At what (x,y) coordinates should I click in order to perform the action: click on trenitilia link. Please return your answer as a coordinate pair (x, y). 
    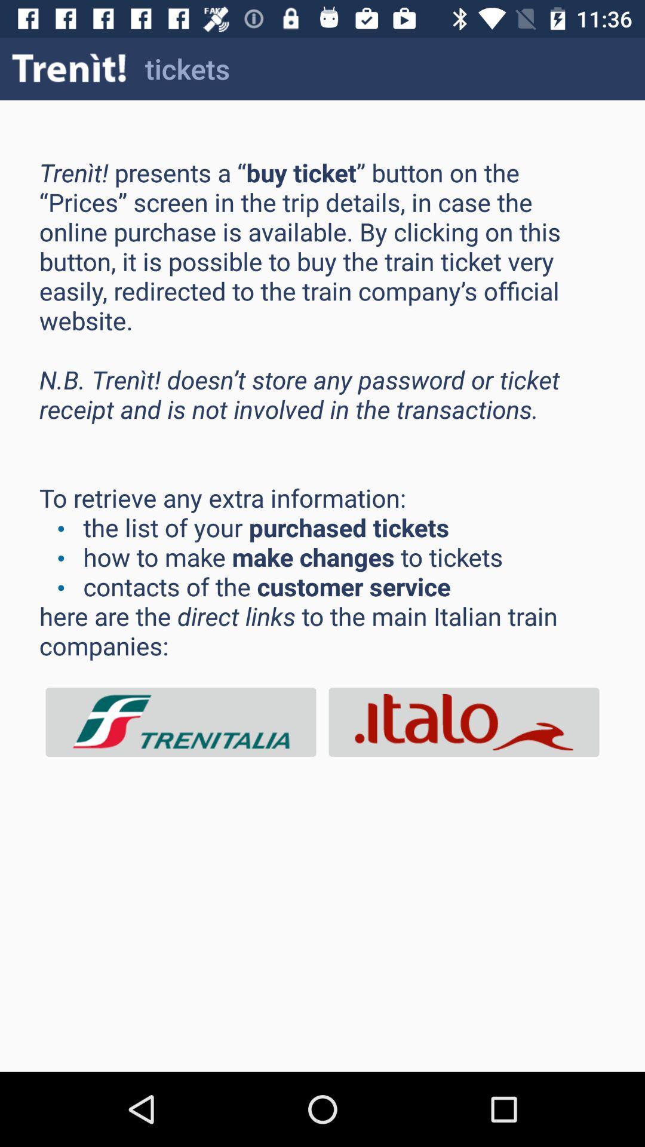
    Looking at the image, I should click on (181, 722).